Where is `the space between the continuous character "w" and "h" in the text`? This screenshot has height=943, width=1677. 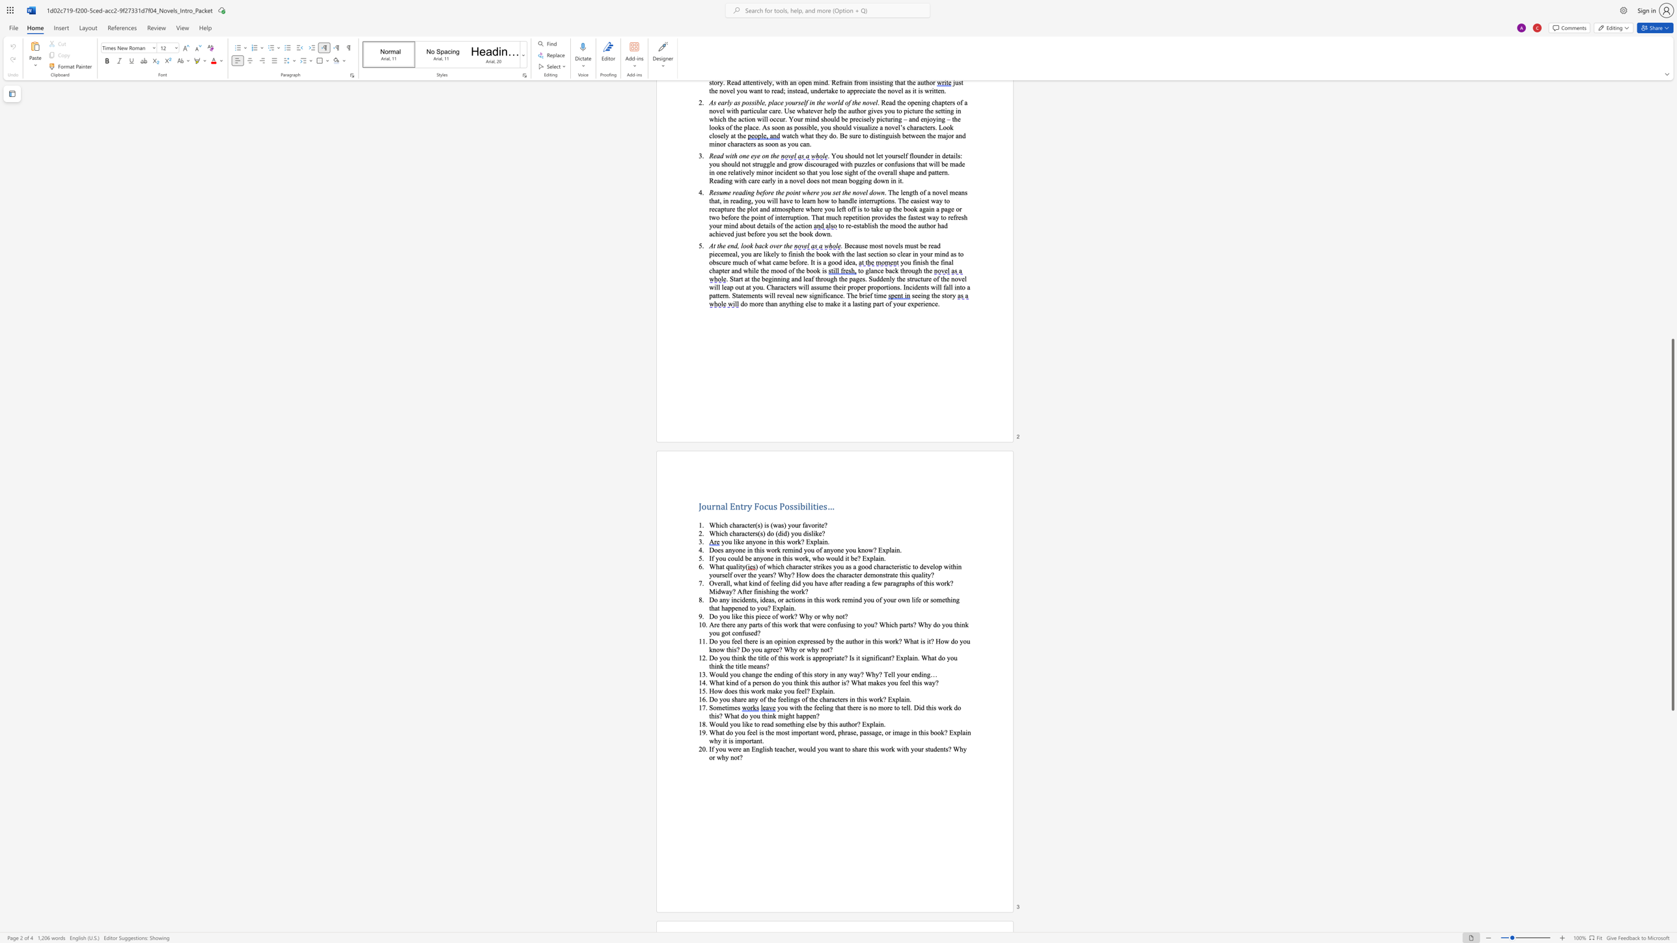 the space between the continuous character "w" and "h" in the text is located at coordinates (816, 558).